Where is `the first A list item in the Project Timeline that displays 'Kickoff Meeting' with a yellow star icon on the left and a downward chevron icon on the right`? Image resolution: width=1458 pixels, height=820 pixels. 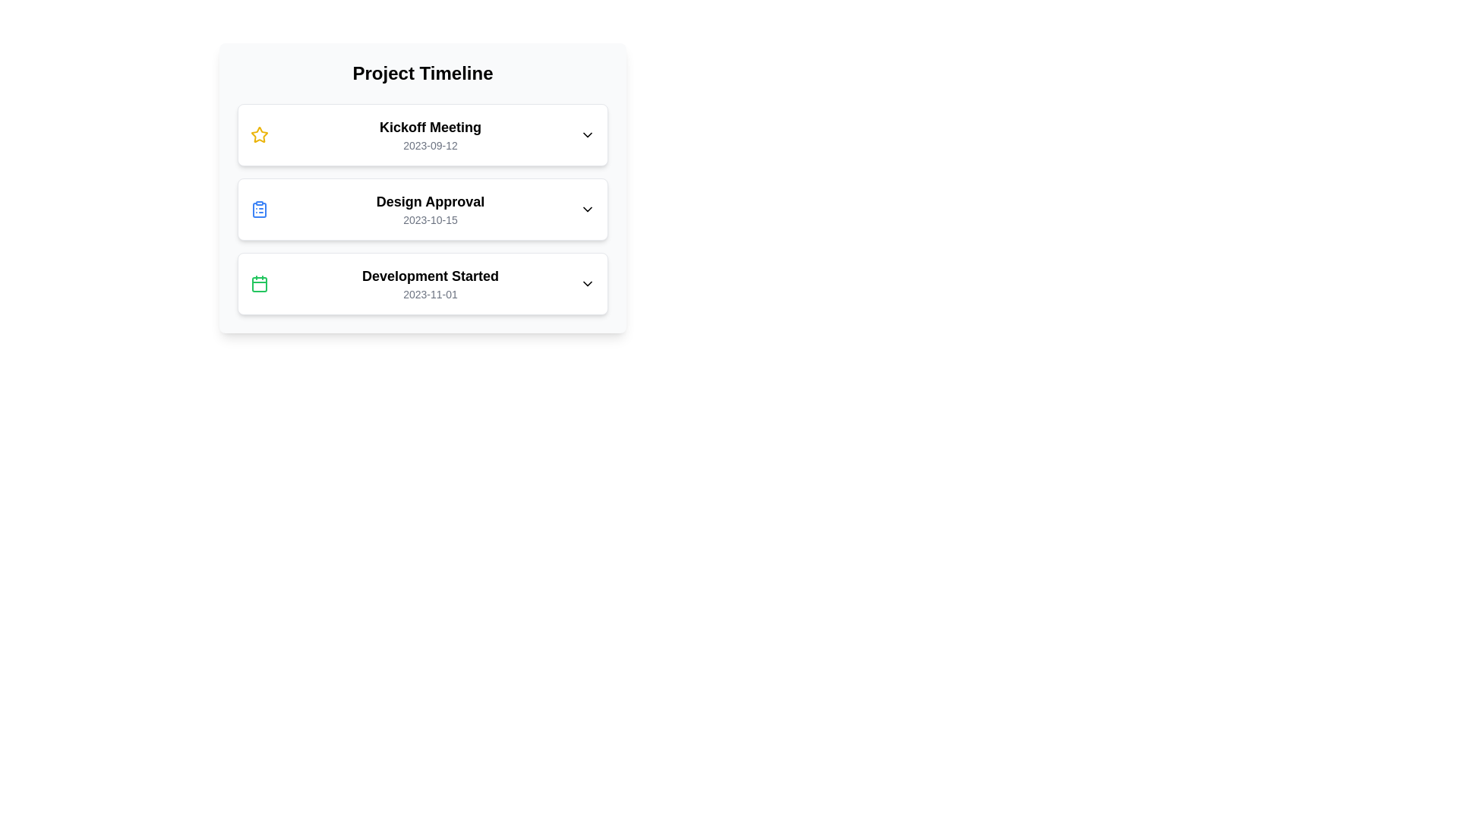
the first A list item in the Project Timeline that displays 'Kickoff Meeting' with a yellow star icon on the left and a downward chevron icon on the right is located at coordinates (422, 134).